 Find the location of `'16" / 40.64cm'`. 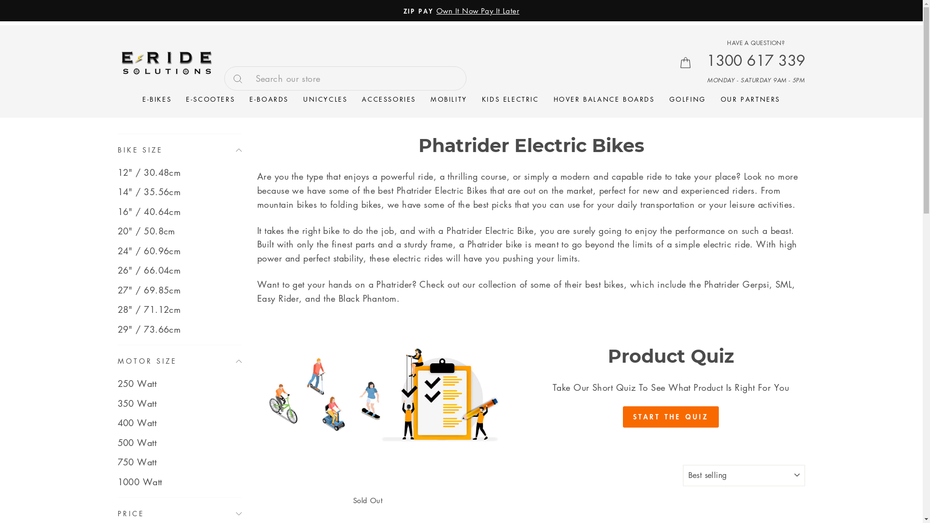

'16" / 40.64cm' is located at coordinates (179, 211).